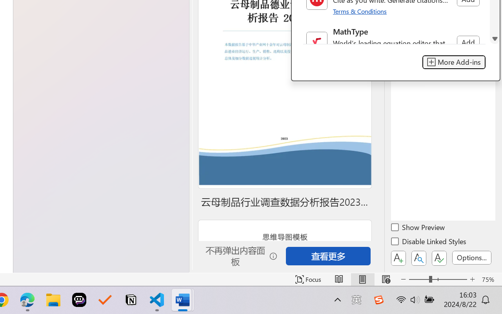  I want to click on 'Add', so click(468, 42).